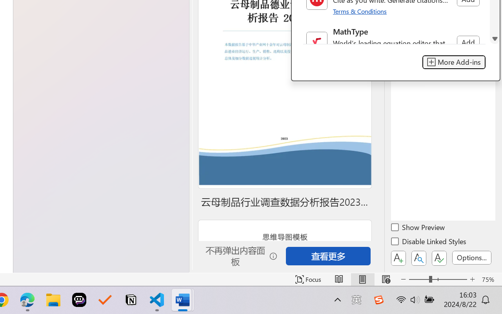  I want to click on 'Add', so click(468, 42).